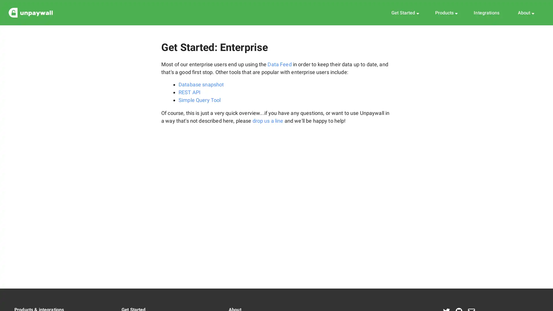 The image size is (553, 311). What do you see at coordinates (446, 12) in the screenshot?
I see `Products` at bounding box center [446, 12].